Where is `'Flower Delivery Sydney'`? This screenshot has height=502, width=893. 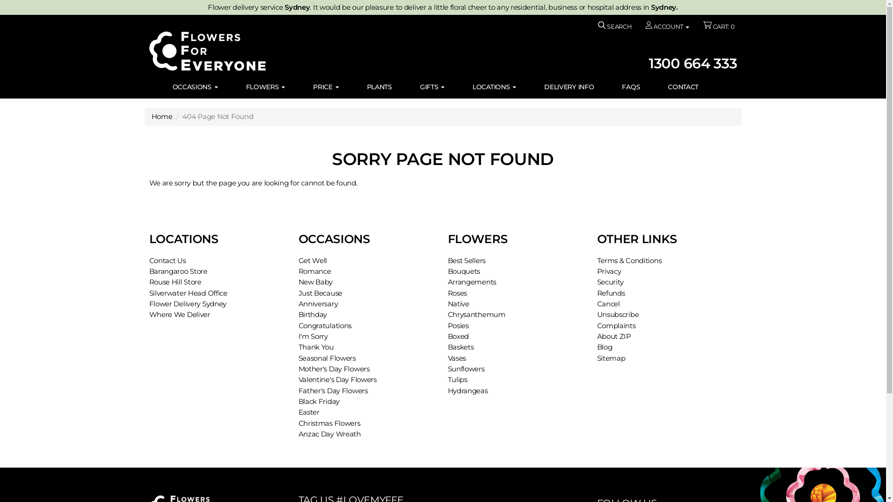
'Flower Delivery Sydney' is located at coordinates (187, 304).